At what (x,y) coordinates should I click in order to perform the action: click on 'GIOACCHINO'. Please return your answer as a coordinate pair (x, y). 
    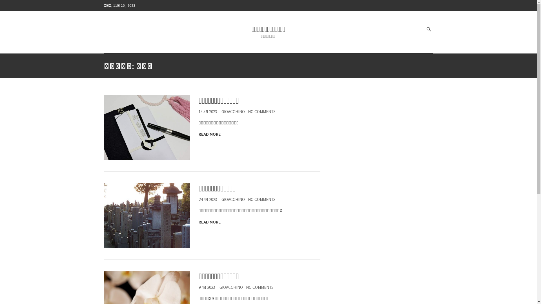
    Looking at the image, I should click on (231, 287).